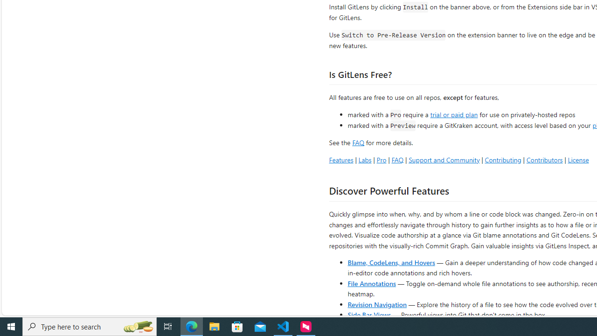 The image size is (597, 336). I want to click on 'Blame, CodeLens, and Hovers', so click(391, 262).